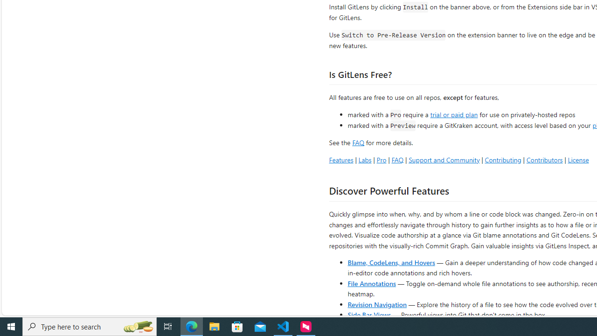 The image size is (597, 336). I want to click on 'Blame, CodeLens, and Hovers', so click(391, 262).